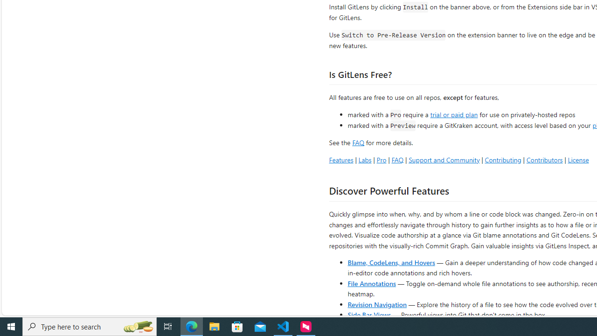 The image size is (597, 336). I want to click on 'Blame, CodeLens, and Hovers', so click(391, 262).